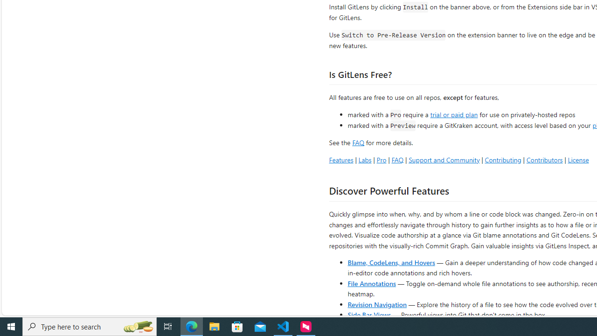 The image size is (597, 336). I want to click on 'Blame, CodeLens, and Hovers', so click(391, 262).